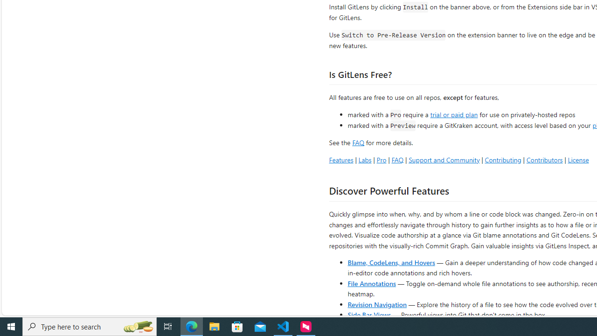 The image size is (597, 336). I want to click on 'Blame, CodeLens, and Hovers', so click(391, 262).